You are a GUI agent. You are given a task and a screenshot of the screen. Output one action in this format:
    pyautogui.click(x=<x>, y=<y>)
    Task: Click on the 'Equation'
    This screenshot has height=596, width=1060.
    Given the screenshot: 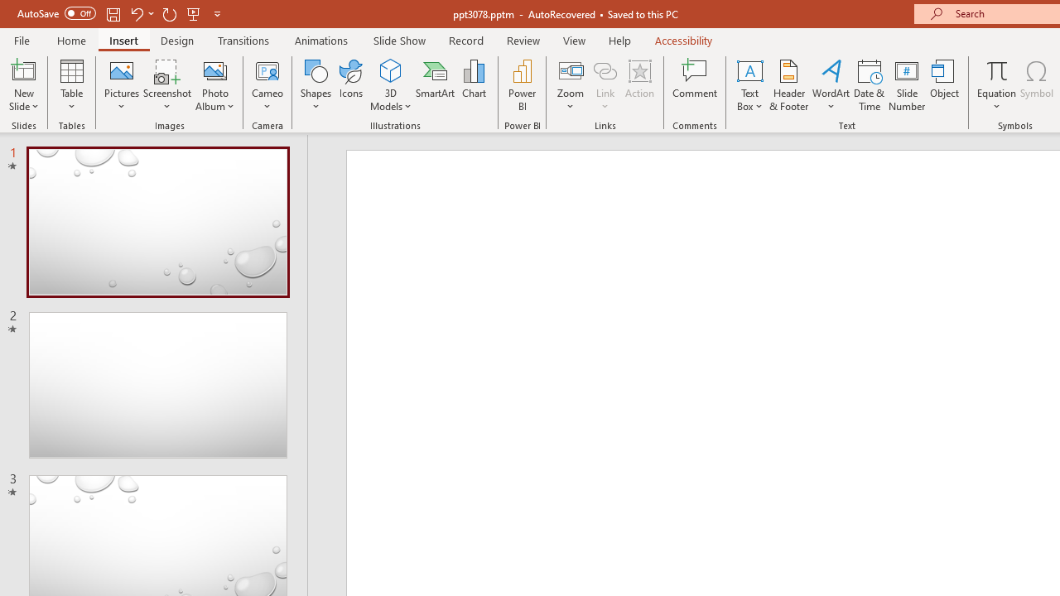 What is the action you would take?
    pyautogui.click(x=995, y=85)
    